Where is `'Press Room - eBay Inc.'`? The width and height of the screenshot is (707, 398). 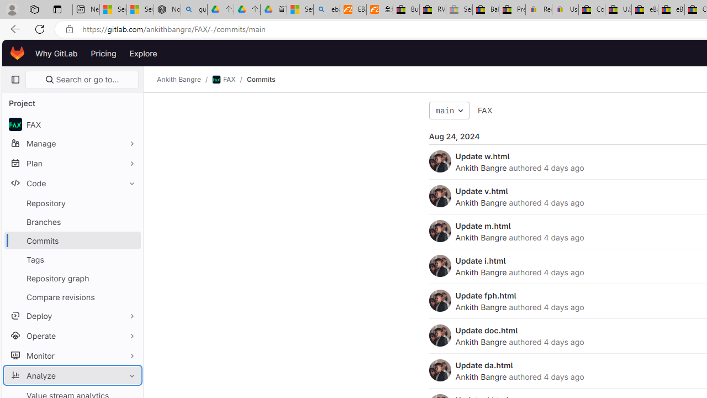 'Press Room - eBay Inc.' is located at coordinates (511, 9).